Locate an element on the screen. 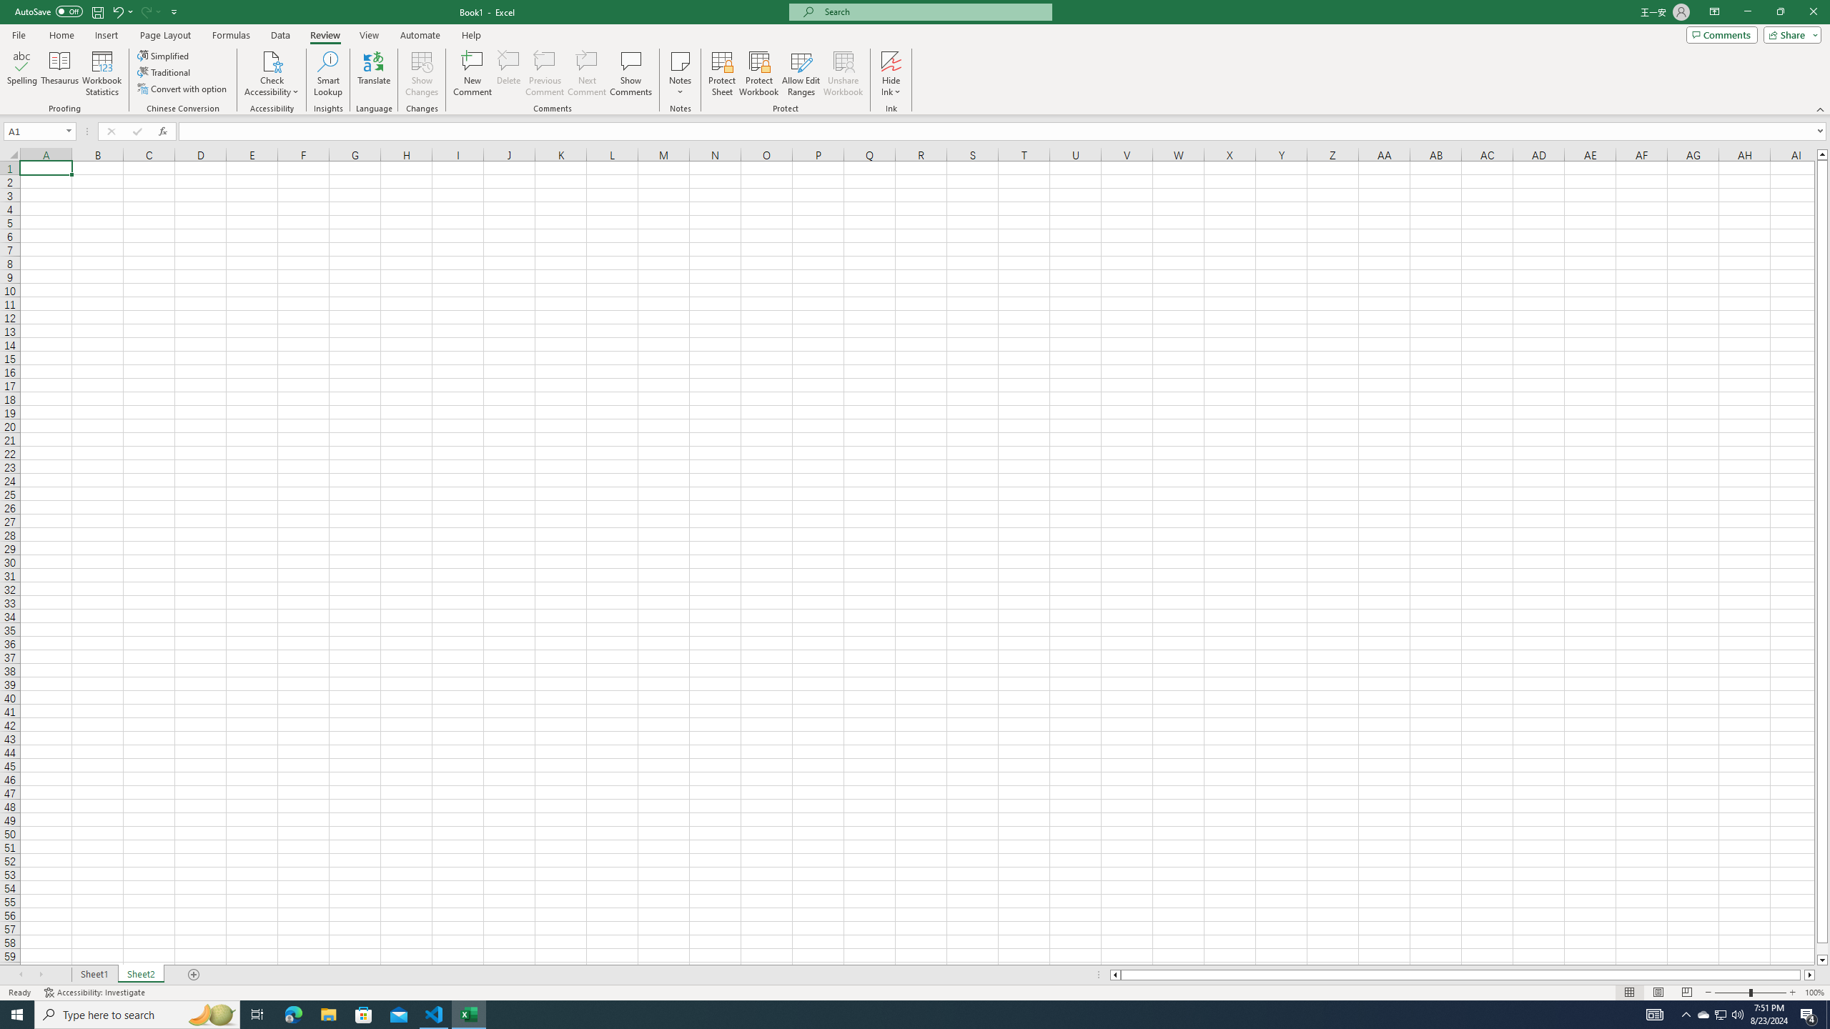  'AutoSave' is located at coordinates (49, 11).